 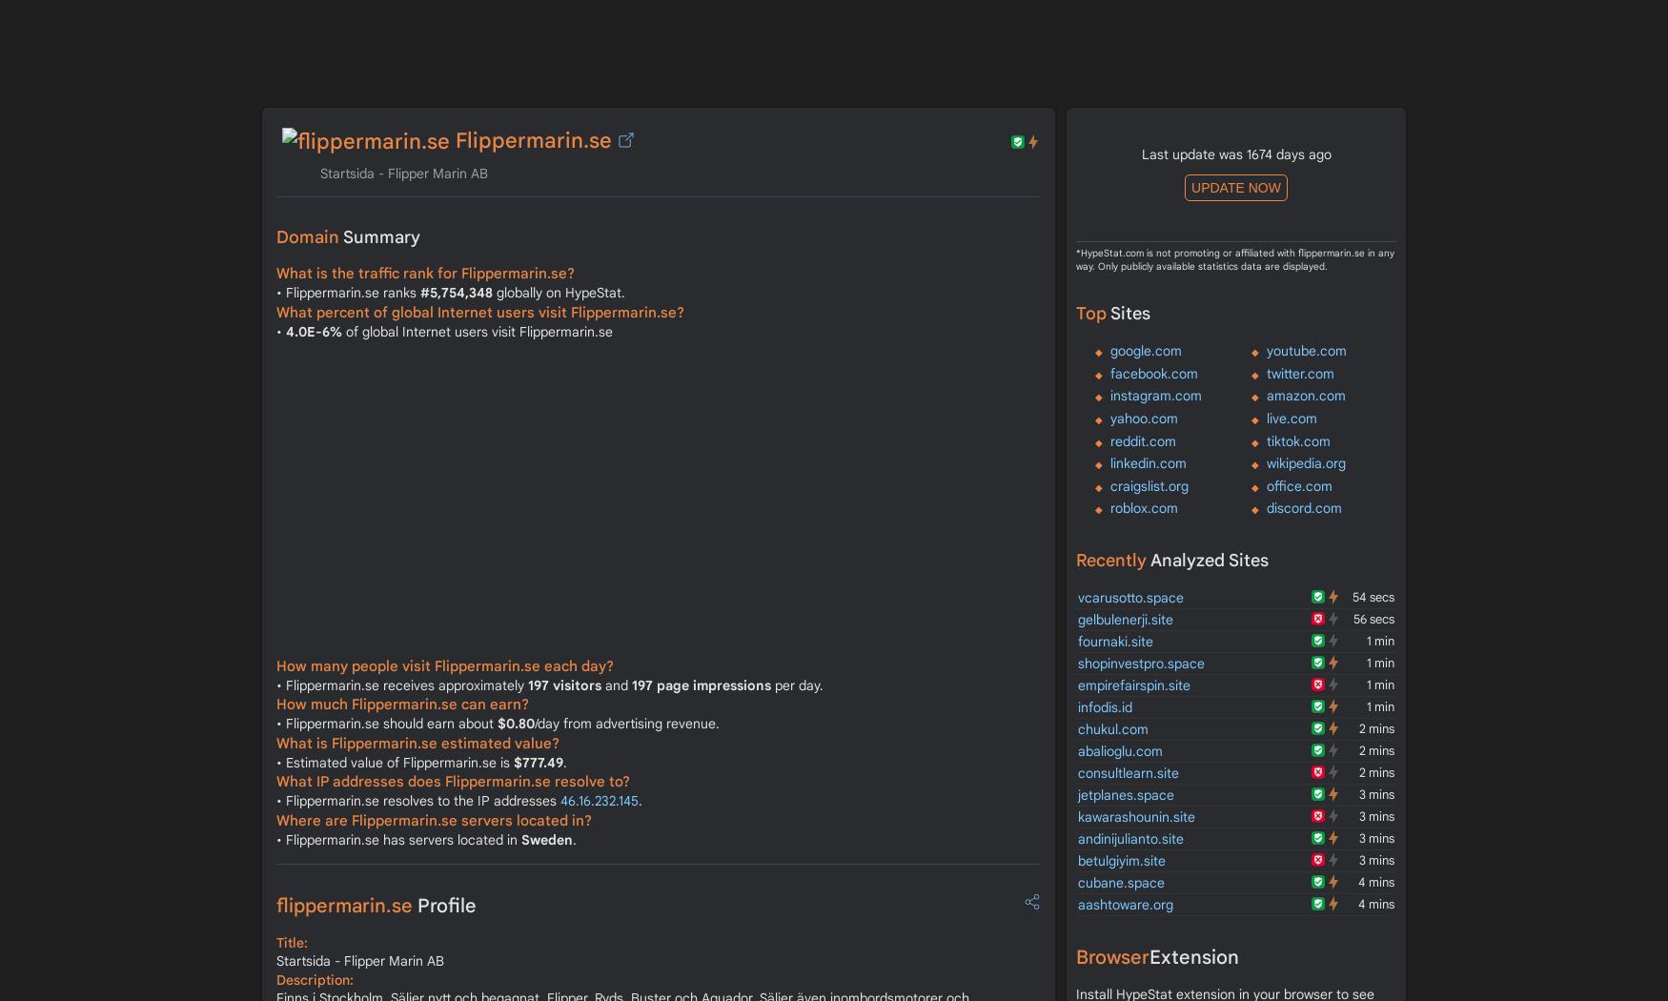 I want to click on 'WHOIS', so click(x=1268, y=10).